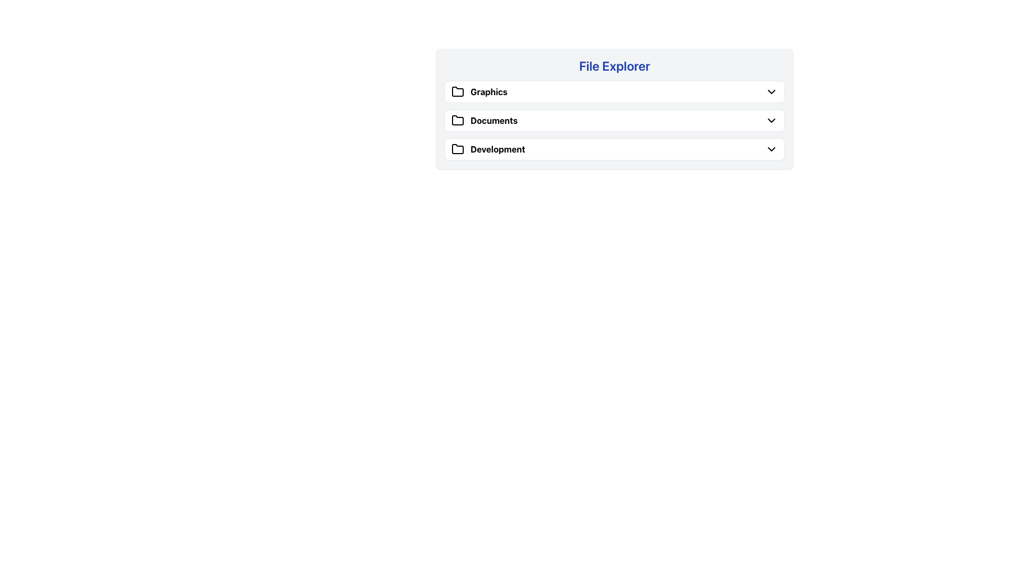 This screenshot has height=574, width=1021. Describe the element at coordinates (493, 120) in the screenshot. I see `the 'Documents' Text Label` at that location.